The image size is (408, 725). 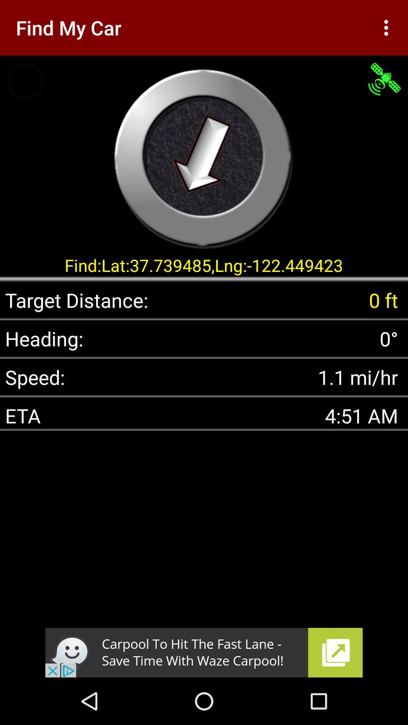 What do you see at coordinates (204, 652) in the screenshot?
I see `advertisement website` at bounding box center [204, 652].